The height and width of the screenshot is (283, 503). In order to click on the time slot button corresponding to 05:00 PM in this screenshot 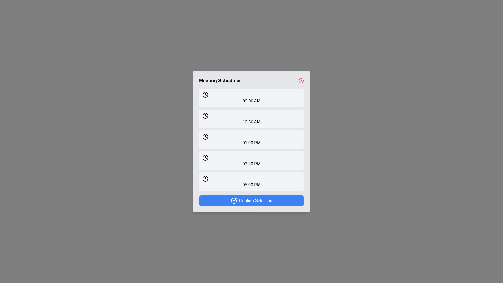, I will do `click(251, 182)`.